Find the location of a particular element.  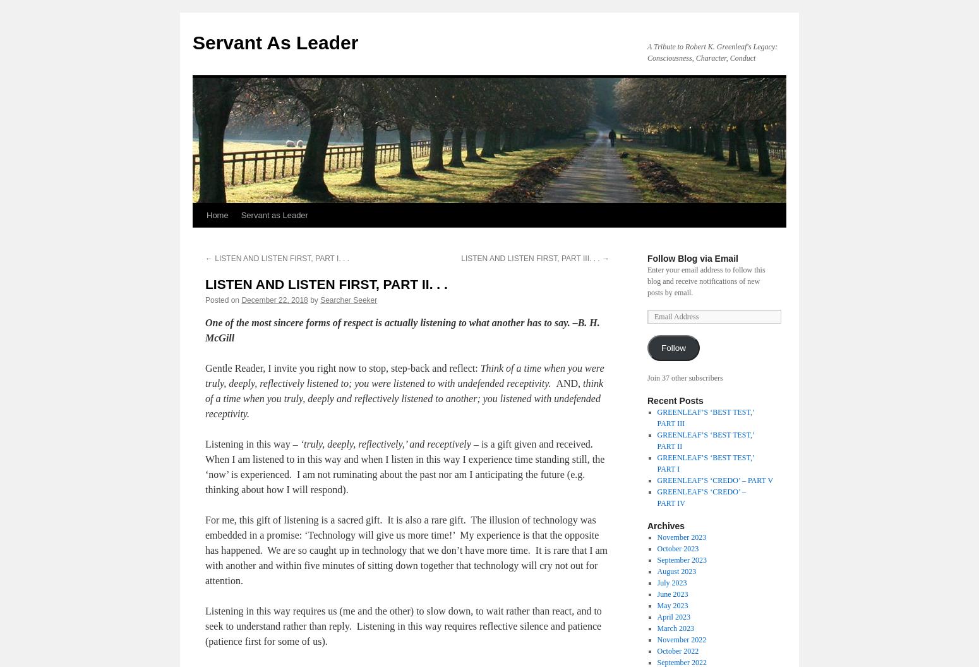

'think of a time when you truly, deeply and reflectively listened to another; you listened with undefended receptivity.' is located at coordinates (403, 398).